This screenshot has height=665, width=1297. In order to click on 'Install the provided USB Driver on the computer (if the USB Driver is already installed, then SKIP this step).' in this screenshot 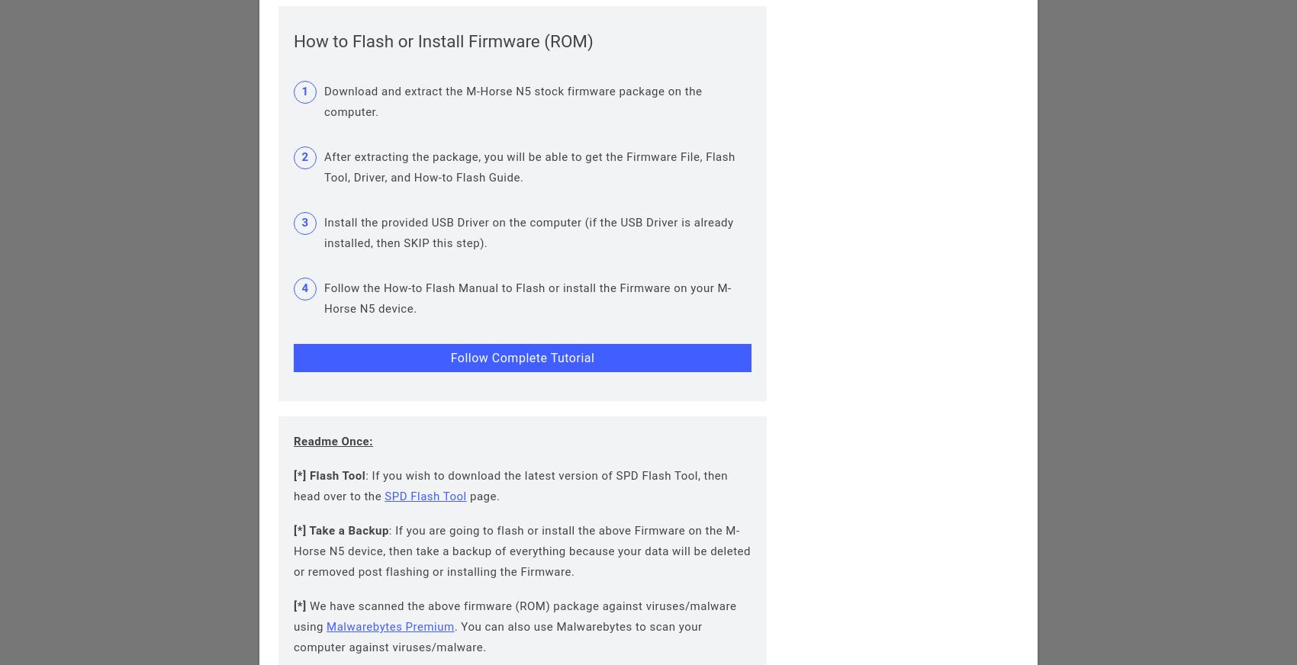, I will do `click(324, 232)`.